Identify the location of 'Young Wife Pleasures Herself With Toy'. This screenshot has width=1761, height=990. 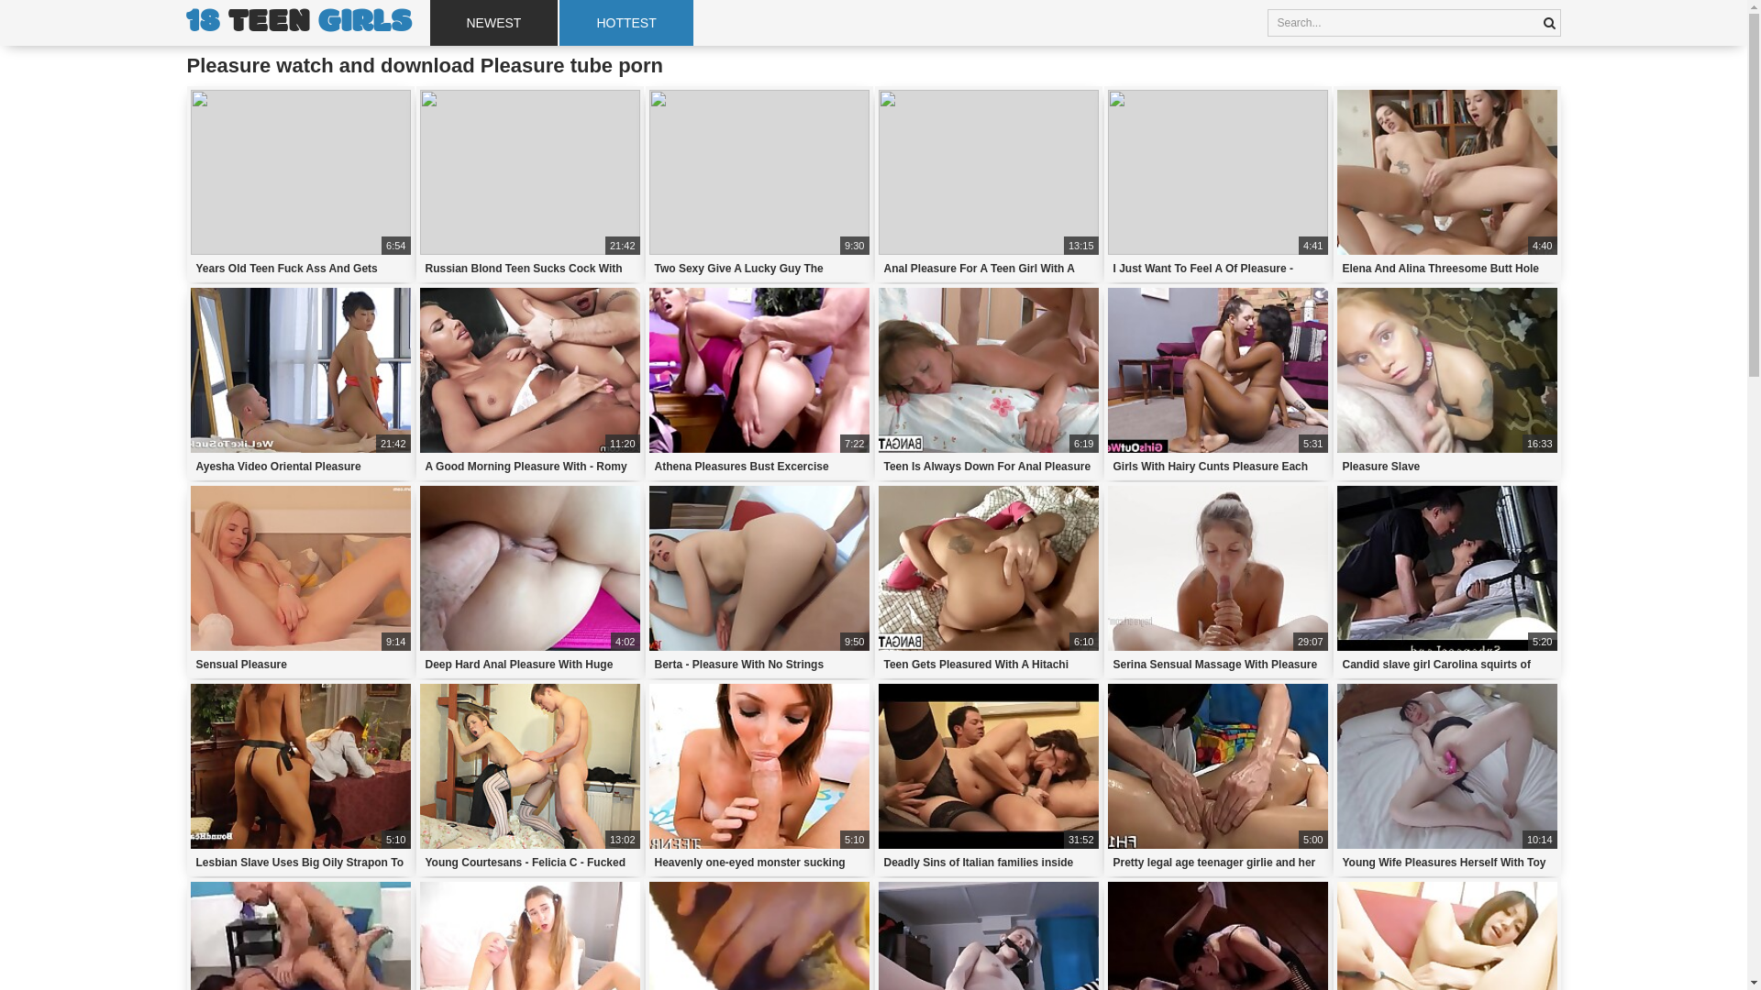
(1446, 863).